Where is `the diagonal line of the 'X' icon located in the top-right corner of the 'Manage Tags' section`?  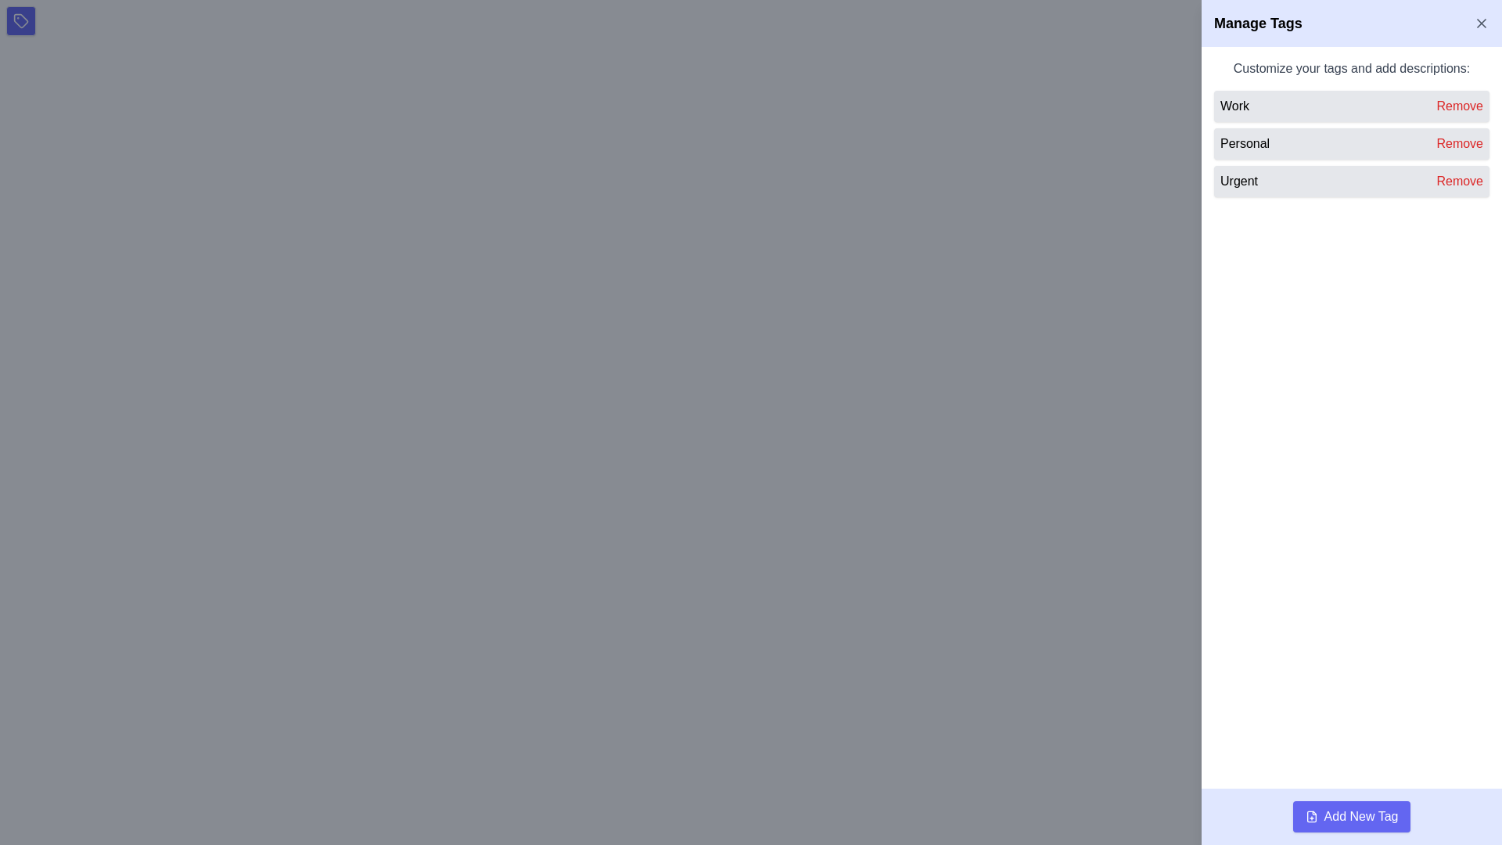 the diagonal line of the 'X' icon located in the top-right corner of the 'Manage Tags' section is located at coordinates (1481, 23).